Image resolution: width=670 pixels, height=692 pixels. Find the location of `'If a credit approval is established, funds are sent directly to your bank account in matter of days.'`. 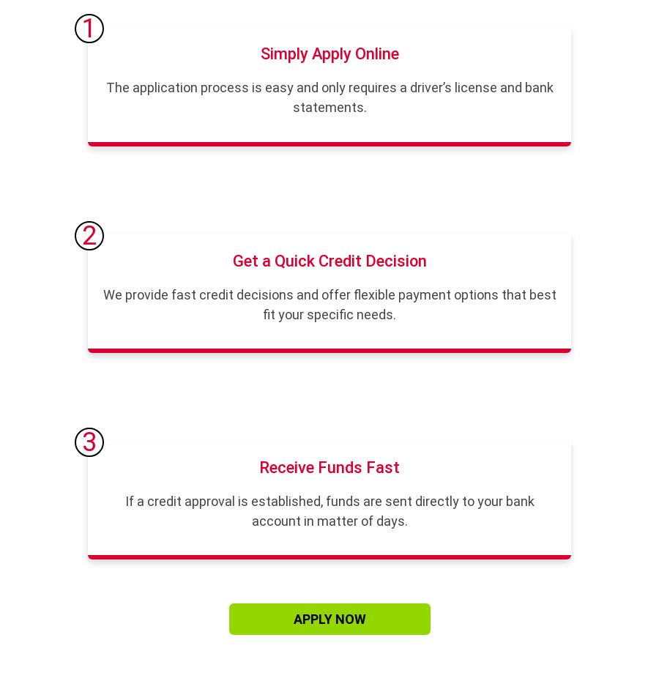

'If a credit approval is established, funds are sent directly to your bank account in matter of days.' is located at coordinates (329, 510).